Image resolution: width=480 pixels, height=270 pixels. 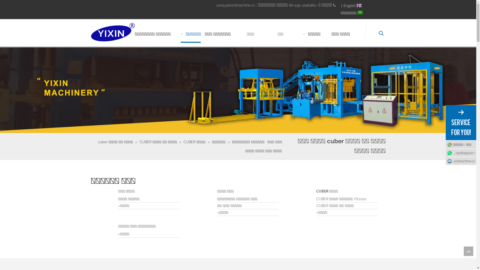 I want to click on '+ 86-15060951121', so click(x=460, y=152).